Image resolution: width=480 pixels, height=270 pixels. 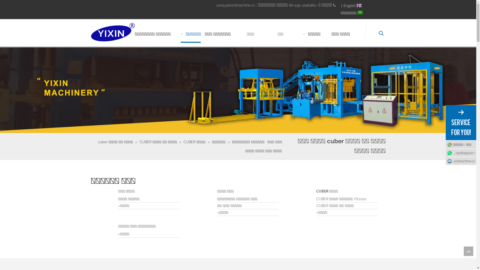 I want to click on '+ 86-15060951121', so click(x=460, y=152).